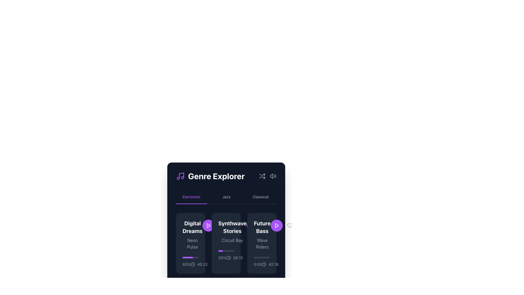 The height and width of the screenshot is (295, 524). Describe the element at coordinates (226, 176) in the screenshot. I see `the 'Genre Explorer' title section with the musical note icon and shuffle and sound icons` at that location.